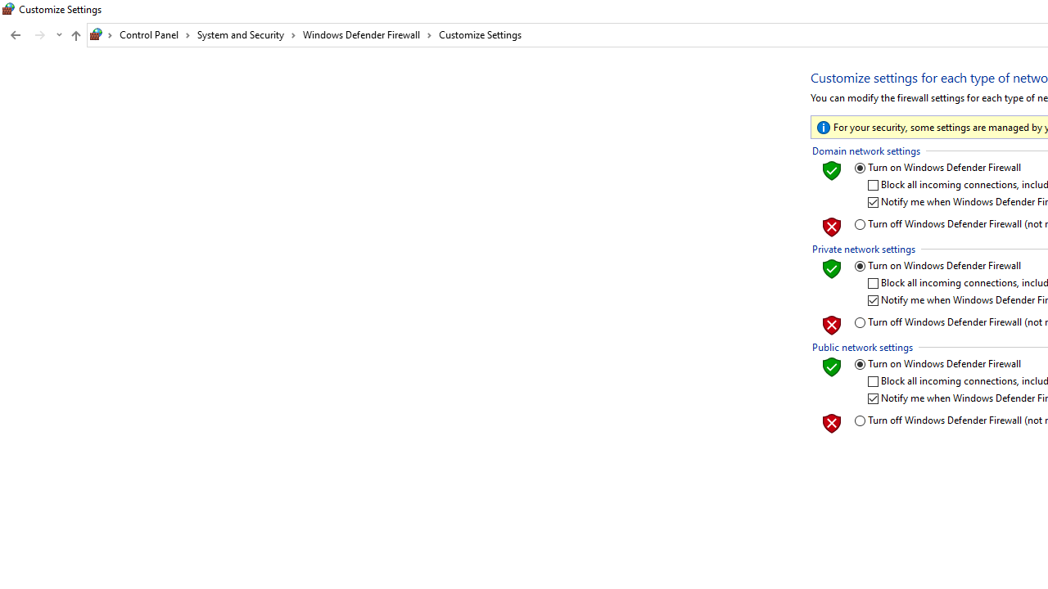 This screenshot has height=589, width=1048. Describe the element at coordinates (155, 34) in the screenshot. I see `'Control Panel'` at that location.